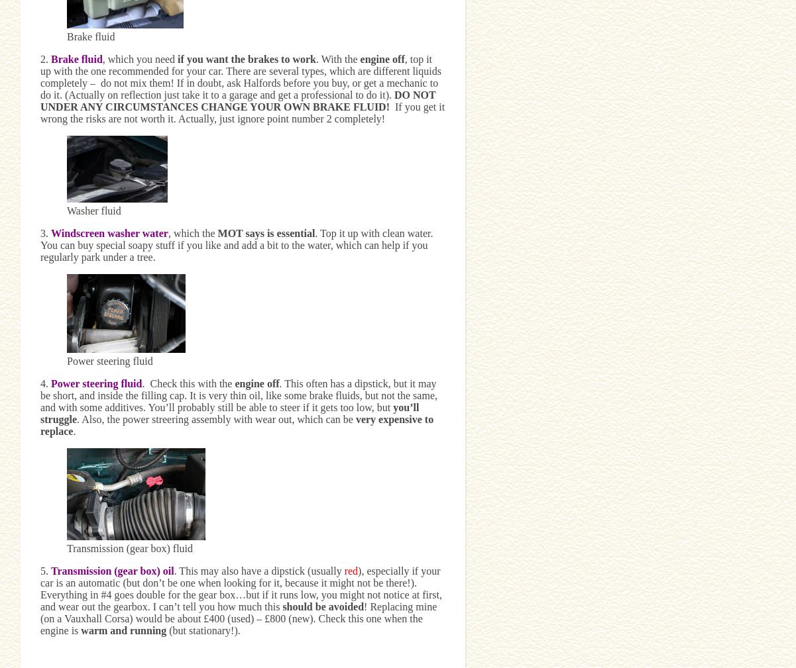 Image resolution: width=796 pixels, height=668 pixels. What do you see at coordinates (123, 630) in the screenshot?
I see `'warm and running'` at bounding box center [123, 630].